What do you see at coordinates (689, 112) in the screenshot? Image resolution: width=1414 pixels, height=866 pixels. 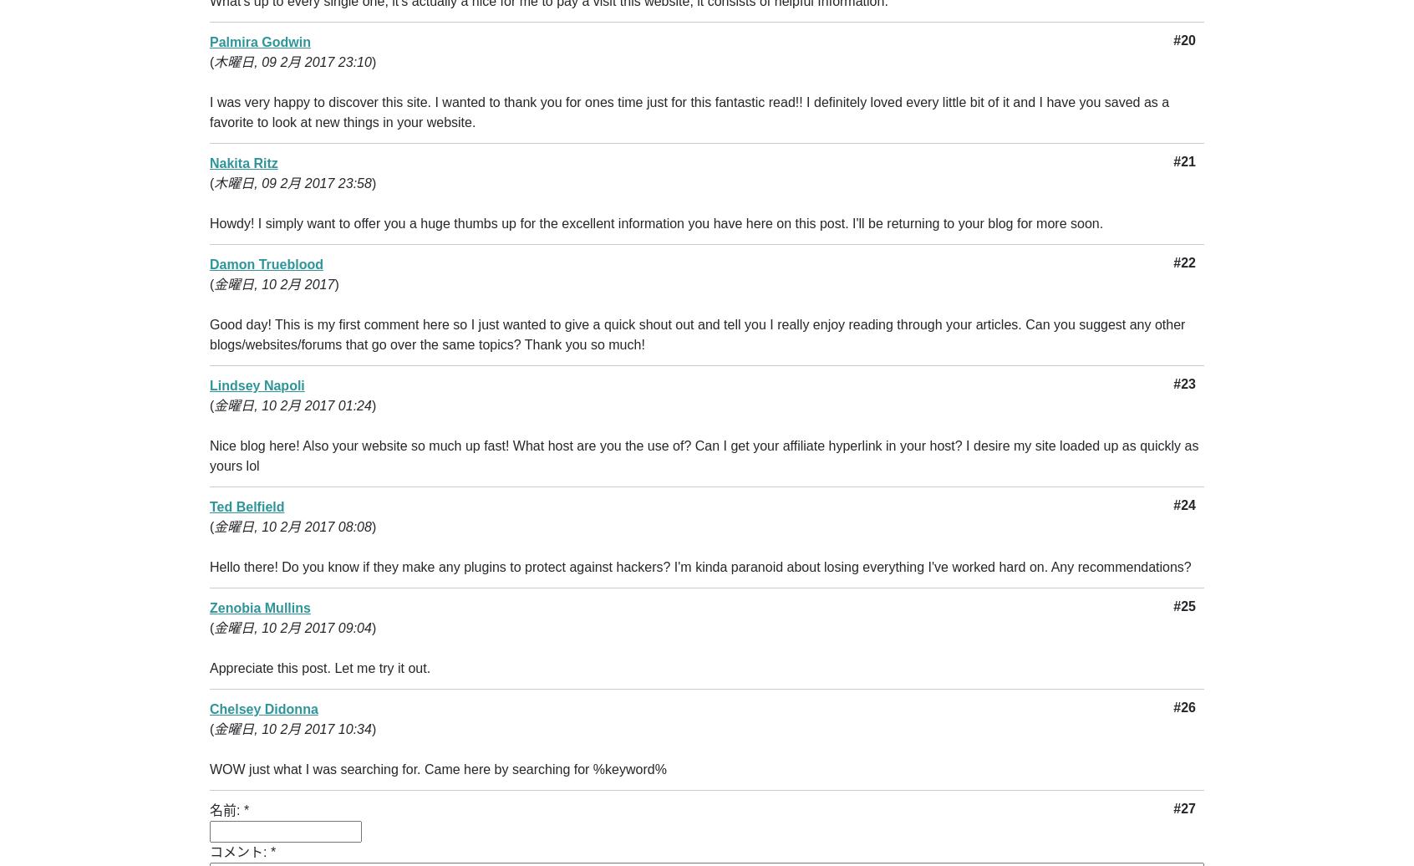 I see `'I was very happy to discover this site. I wanted to thank you for ones time just for this fantastic read!! I definitely loved every little bit of it and I have you saved as a favorite to look at new
things in your website.'` at bounding box center [689, 112].